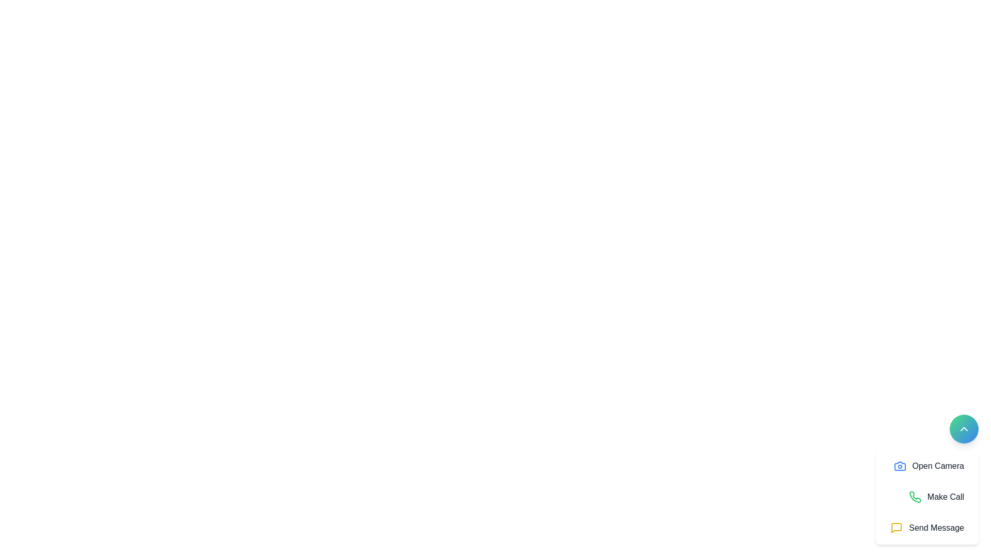 Image resolution: width=991 pixels, height=557 pixels. Describe the element at coordinates (896, 528) in the screenshot. I see `the 'Send Message' icon located on the leftmost part of the 'Send Message' button, preceding the text label` at that location.